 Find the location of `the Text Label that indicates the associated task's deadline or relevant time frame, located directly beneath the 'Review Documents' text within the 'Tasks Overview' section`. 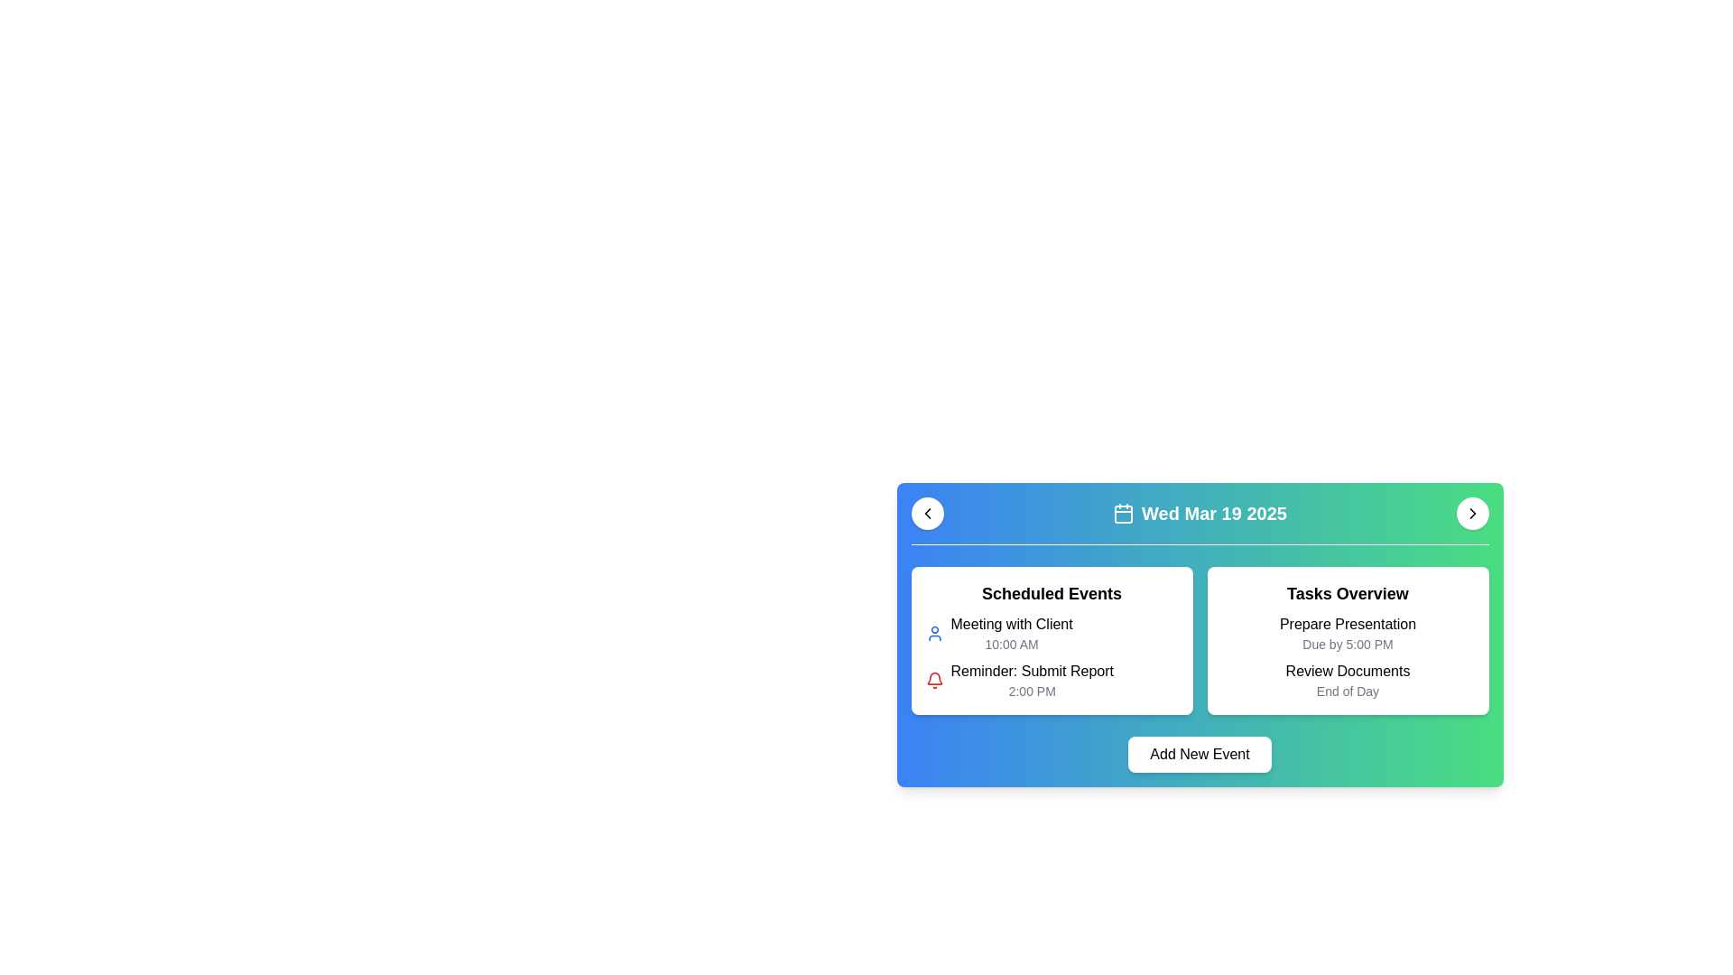

the Text Label that indicates the associated task's deadline or relevant time frame, located directly beneath the 'Review Documents' text within the 'Tasks Overview' section is located at coordinates (1348, 691).